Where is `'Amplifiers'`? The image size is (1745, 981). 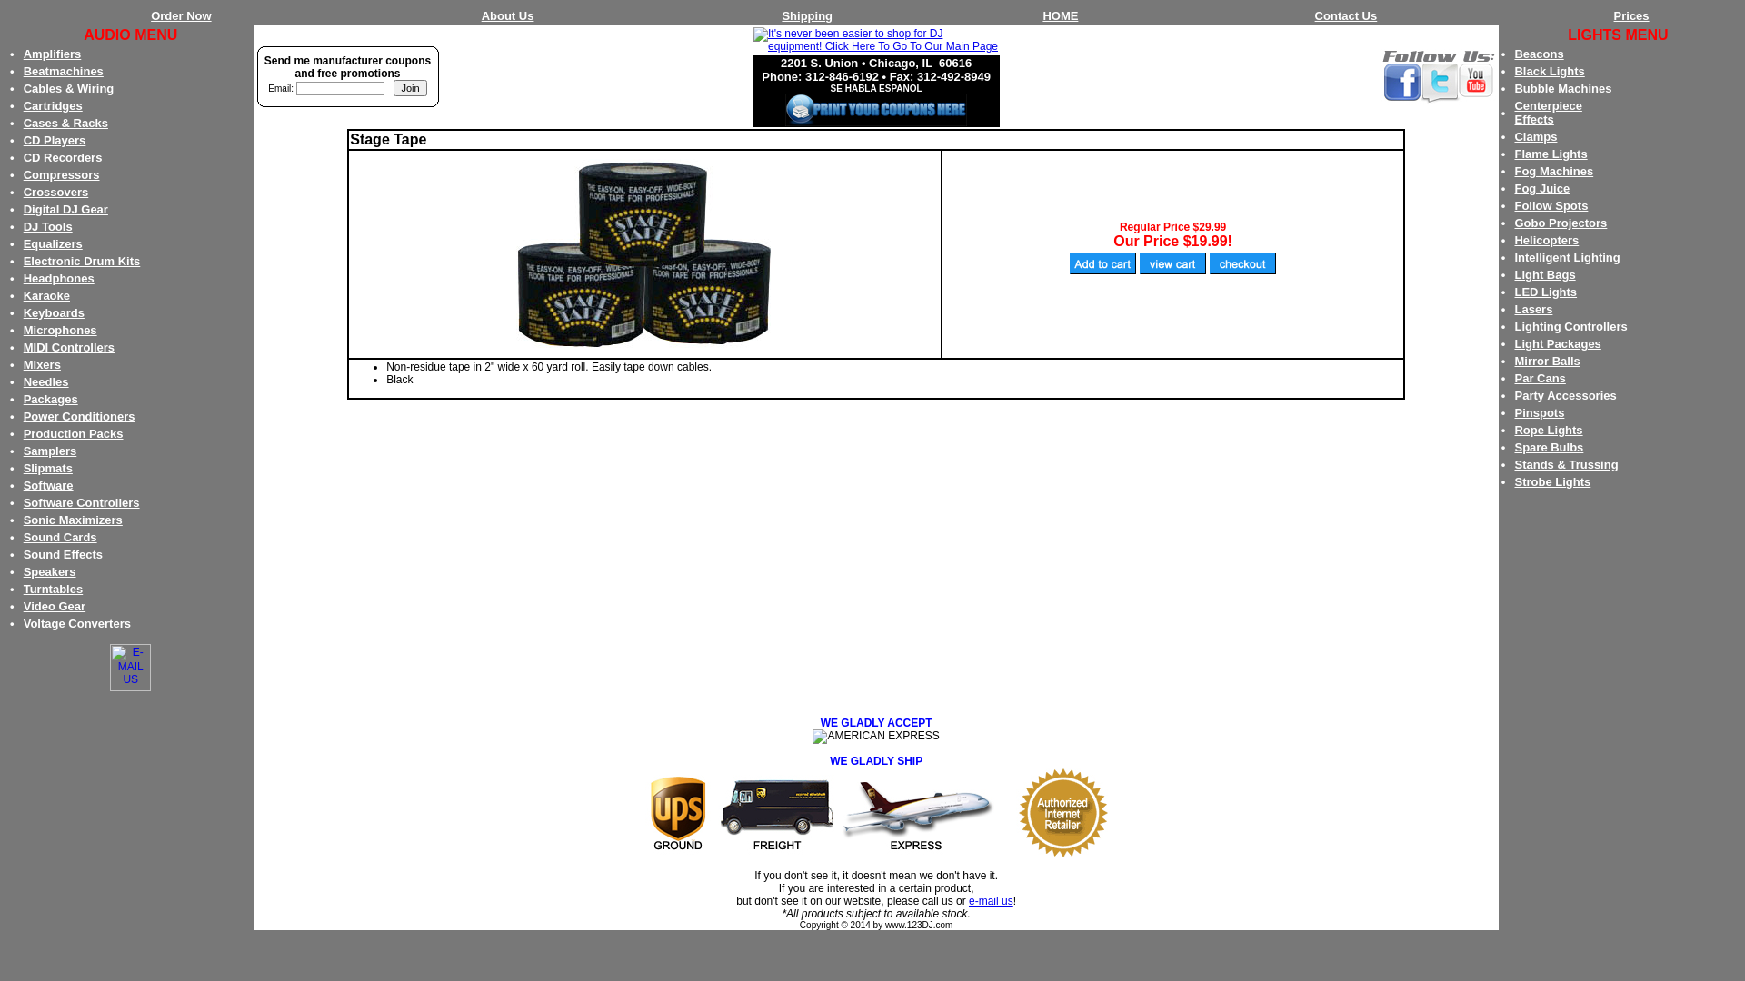
'Amplifiers' is located at coordinates (52, 53).